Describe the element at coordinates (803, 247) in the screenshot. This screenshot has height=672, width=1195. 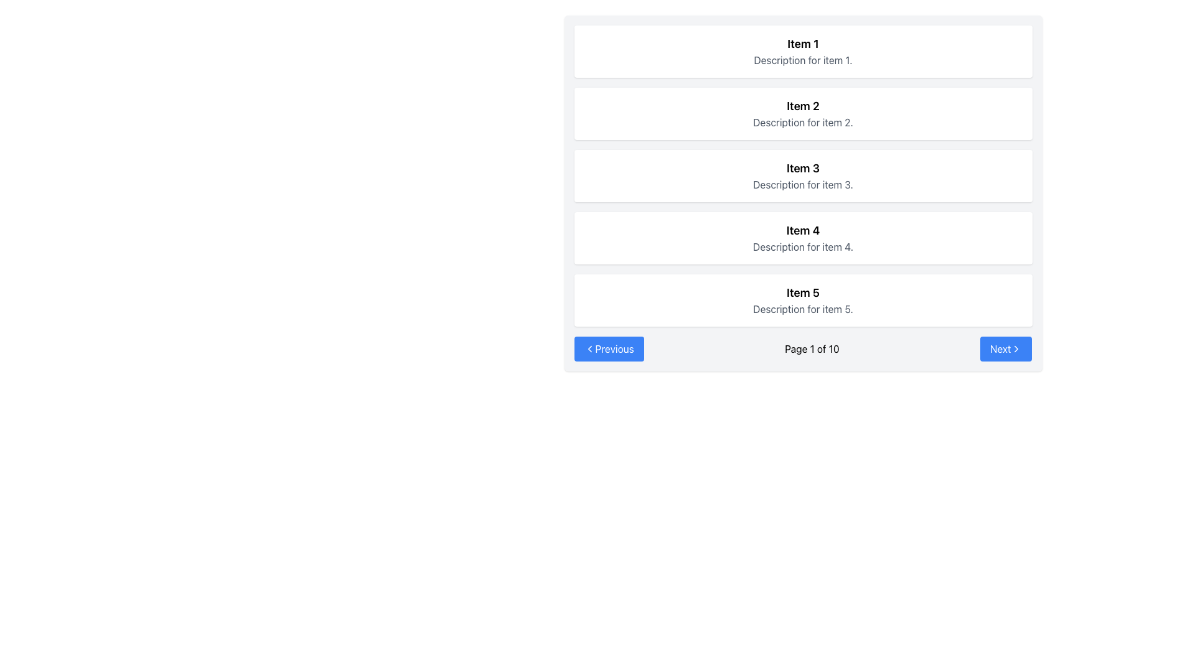
I see `the text label 'Description for item 4.' which is styled in gray font and positioned directly below the heading 'Item 4'` at that location.